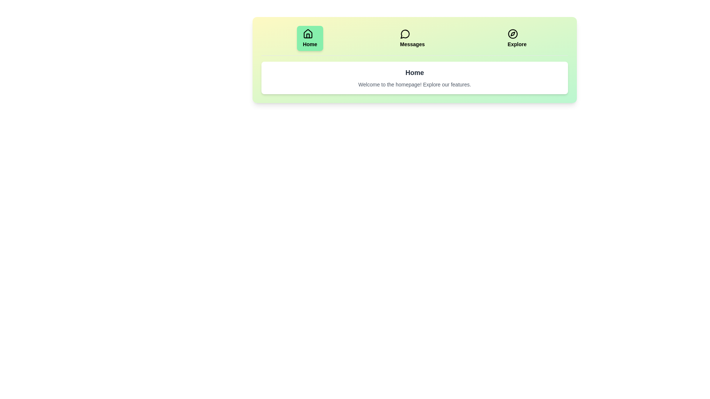  What do you see at coordinates (516, 38) in the screenshot?
I see `the Explore tab` at bounding box center [516, 38].